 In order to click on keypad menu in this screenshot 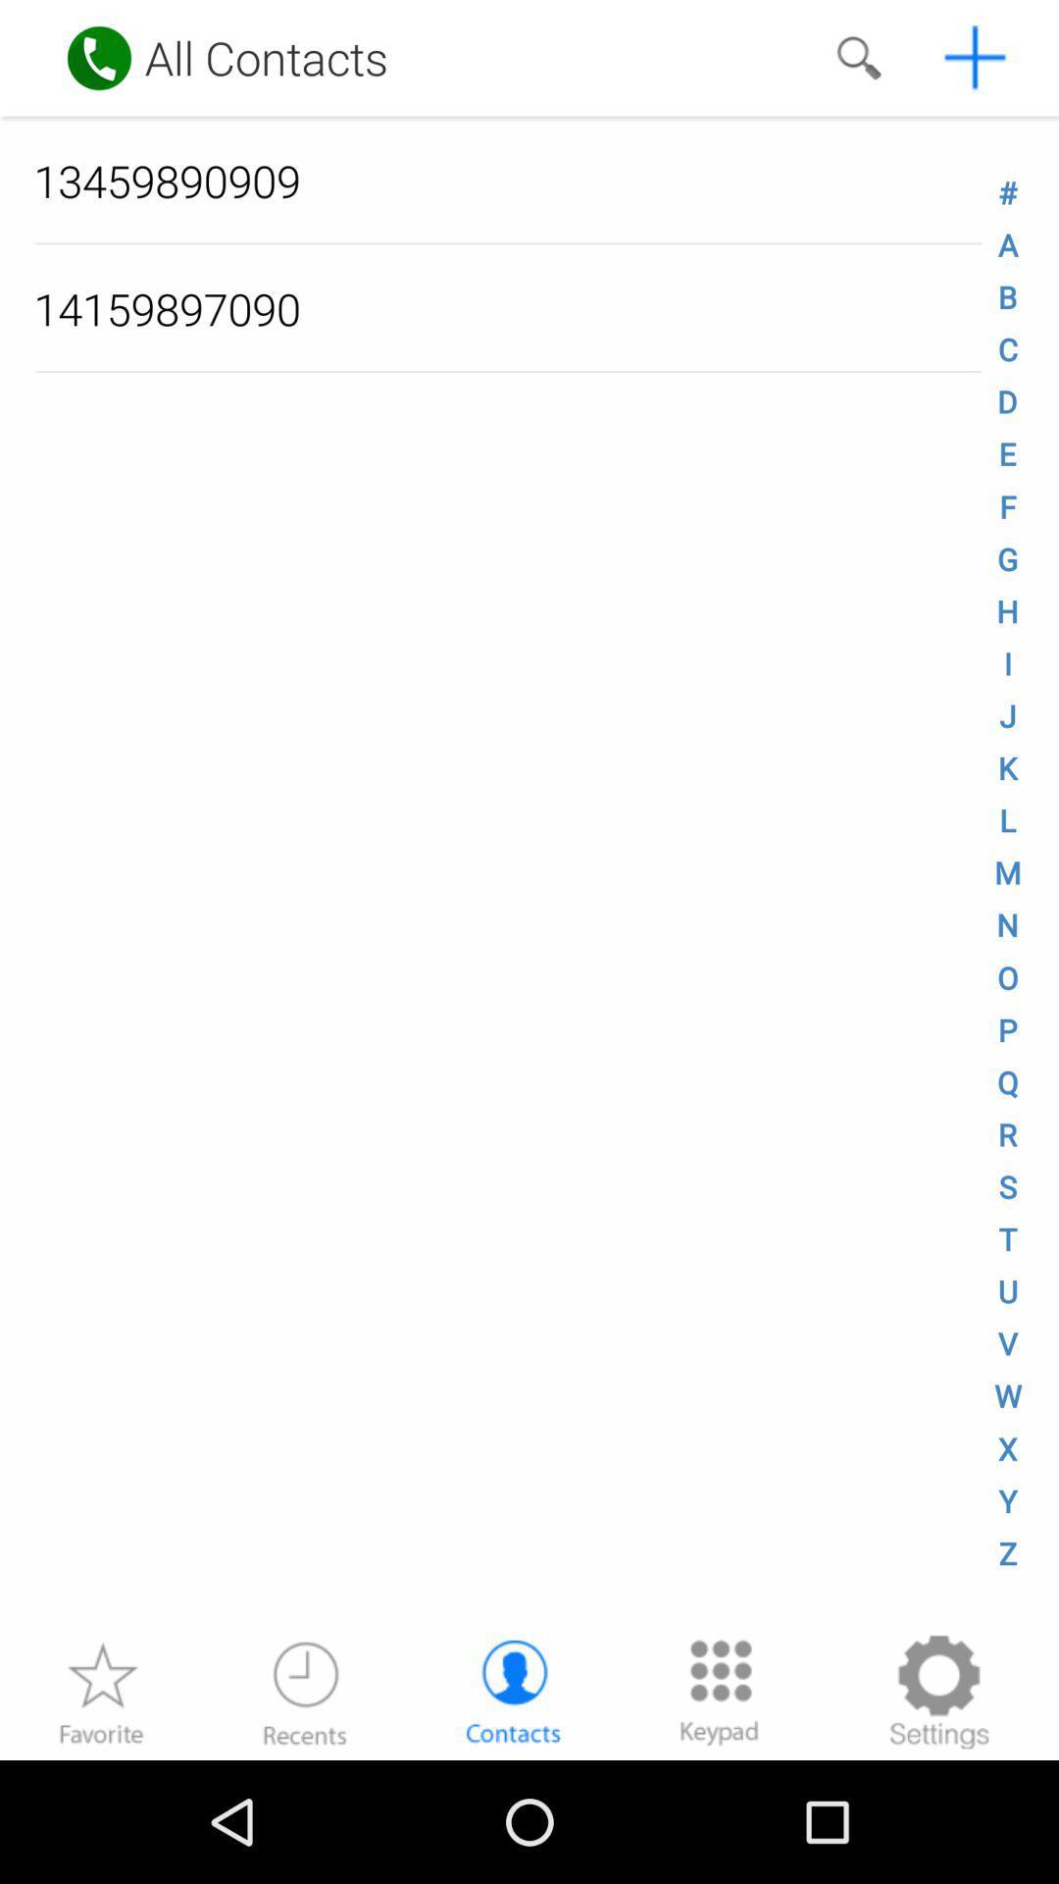, I will do `click(719, 1691)`.